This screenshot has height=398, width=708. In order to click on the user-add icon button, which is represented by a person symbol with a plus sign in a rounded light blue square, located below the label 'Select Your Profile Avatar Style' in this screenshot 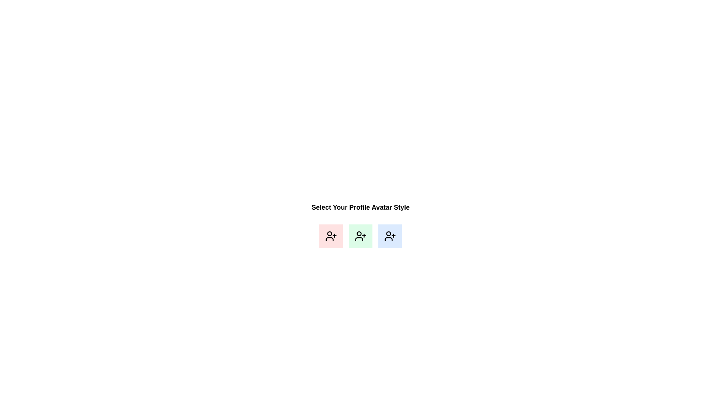, I will do `click(389, 236)`.